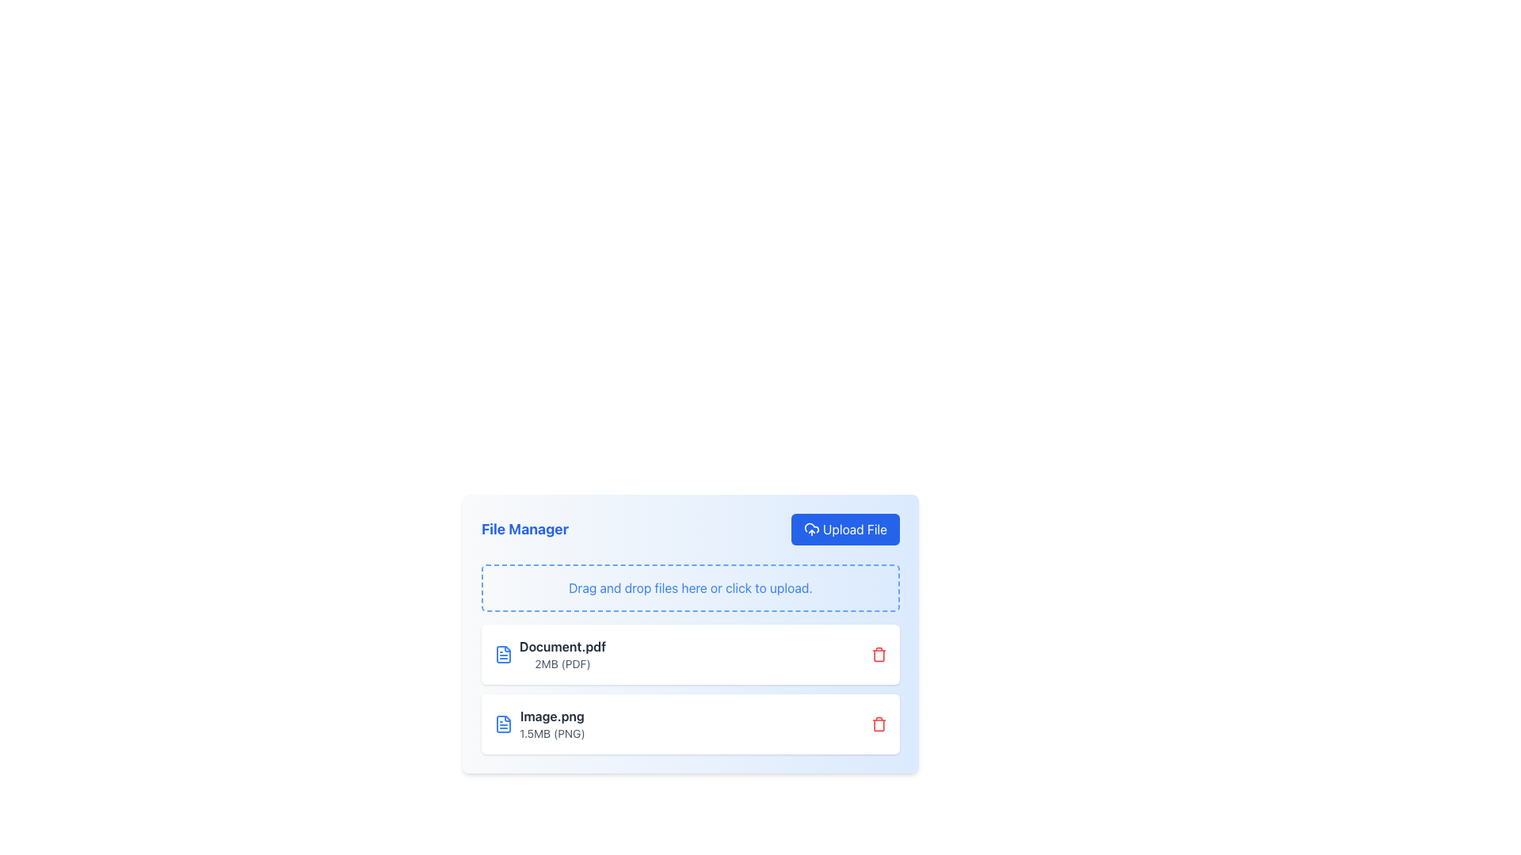 Image resolution: width=1521 pixels, height=855 pixels. I want to click on the descriptive label for the file located in the 'File Manager' section, which displays the file name, size, and type, positioned centrally below the 'Document.pdf' label, so click(539, 724).